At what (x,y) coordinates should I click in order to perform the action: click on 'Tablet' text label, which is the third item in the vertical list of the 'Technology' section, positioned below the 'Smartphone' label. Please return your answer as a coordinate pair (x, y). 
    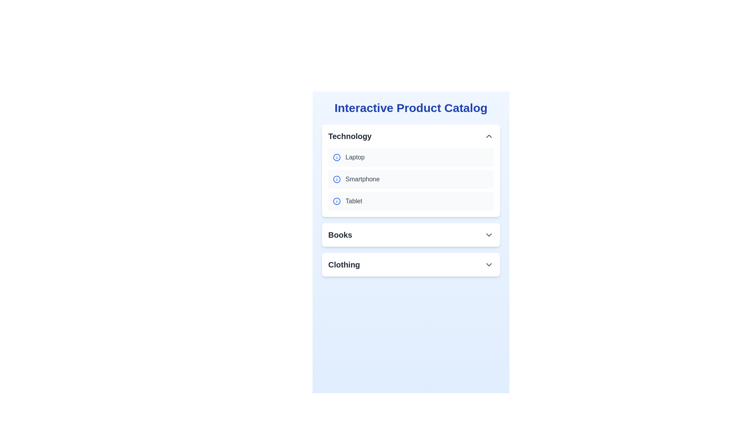
    Looking at the image, I should click on (353, 201).